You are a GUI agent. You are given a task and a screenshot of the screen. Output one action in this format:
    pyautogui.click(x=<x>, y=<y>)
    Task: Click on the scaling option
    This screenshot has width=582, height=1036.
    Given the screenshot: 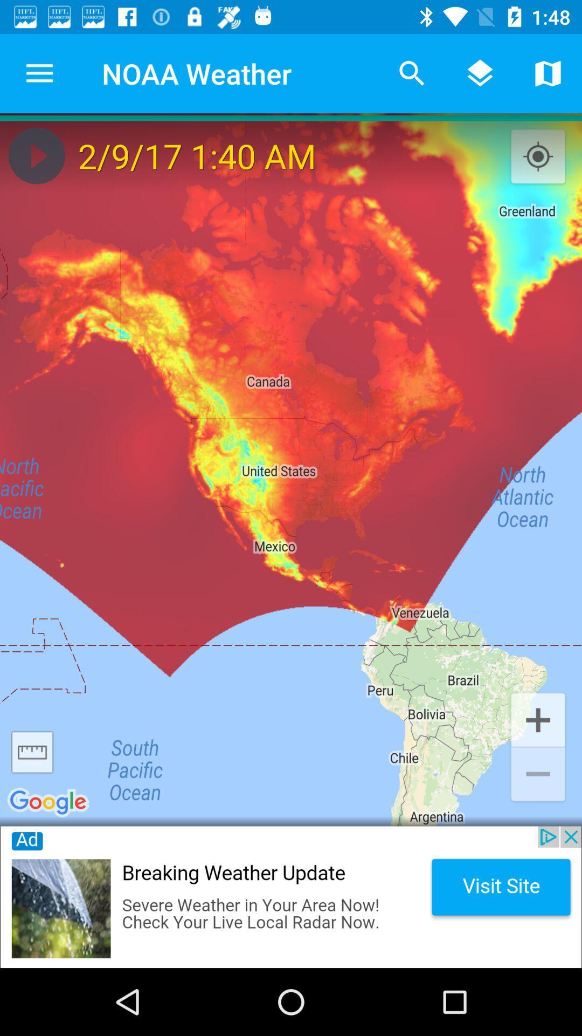 What is the action you would take?
    pyautogui.click(x=32, y=752)
    